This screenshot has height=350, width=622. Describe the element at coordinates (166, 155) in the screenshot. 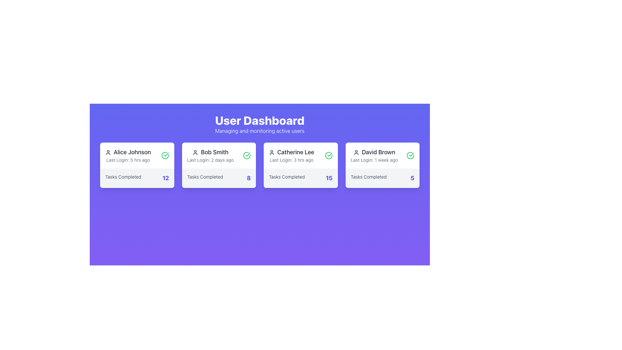

I see `the green checkmark icon located in the top-right corner of the card for 'Bob Smith'` at that location.